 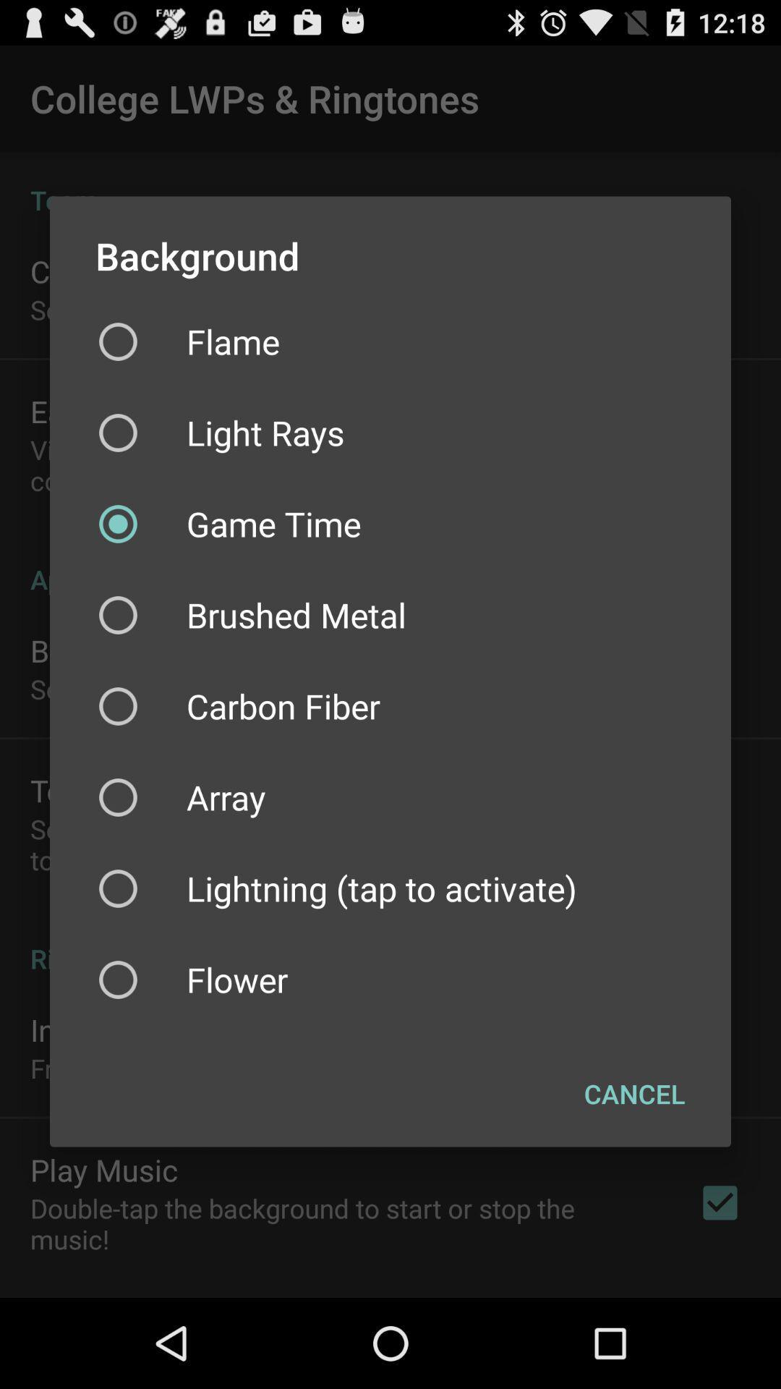 I want to click on the button at the bottom right corner, so click(x=633, y=1094).